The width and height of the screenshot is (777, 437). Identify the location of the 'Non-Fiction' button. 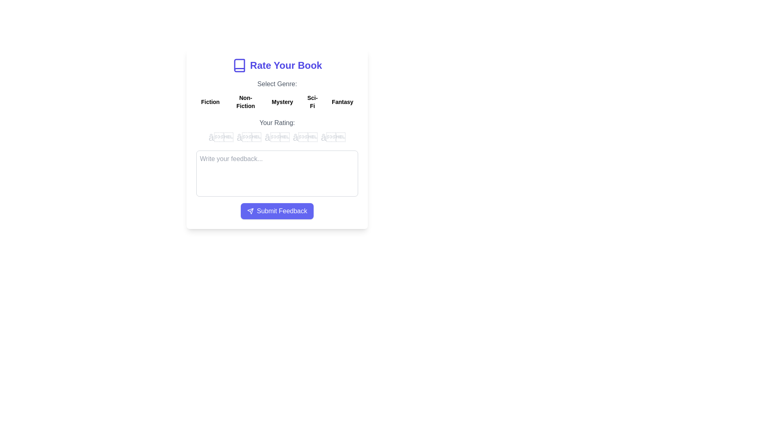
(245, 101).